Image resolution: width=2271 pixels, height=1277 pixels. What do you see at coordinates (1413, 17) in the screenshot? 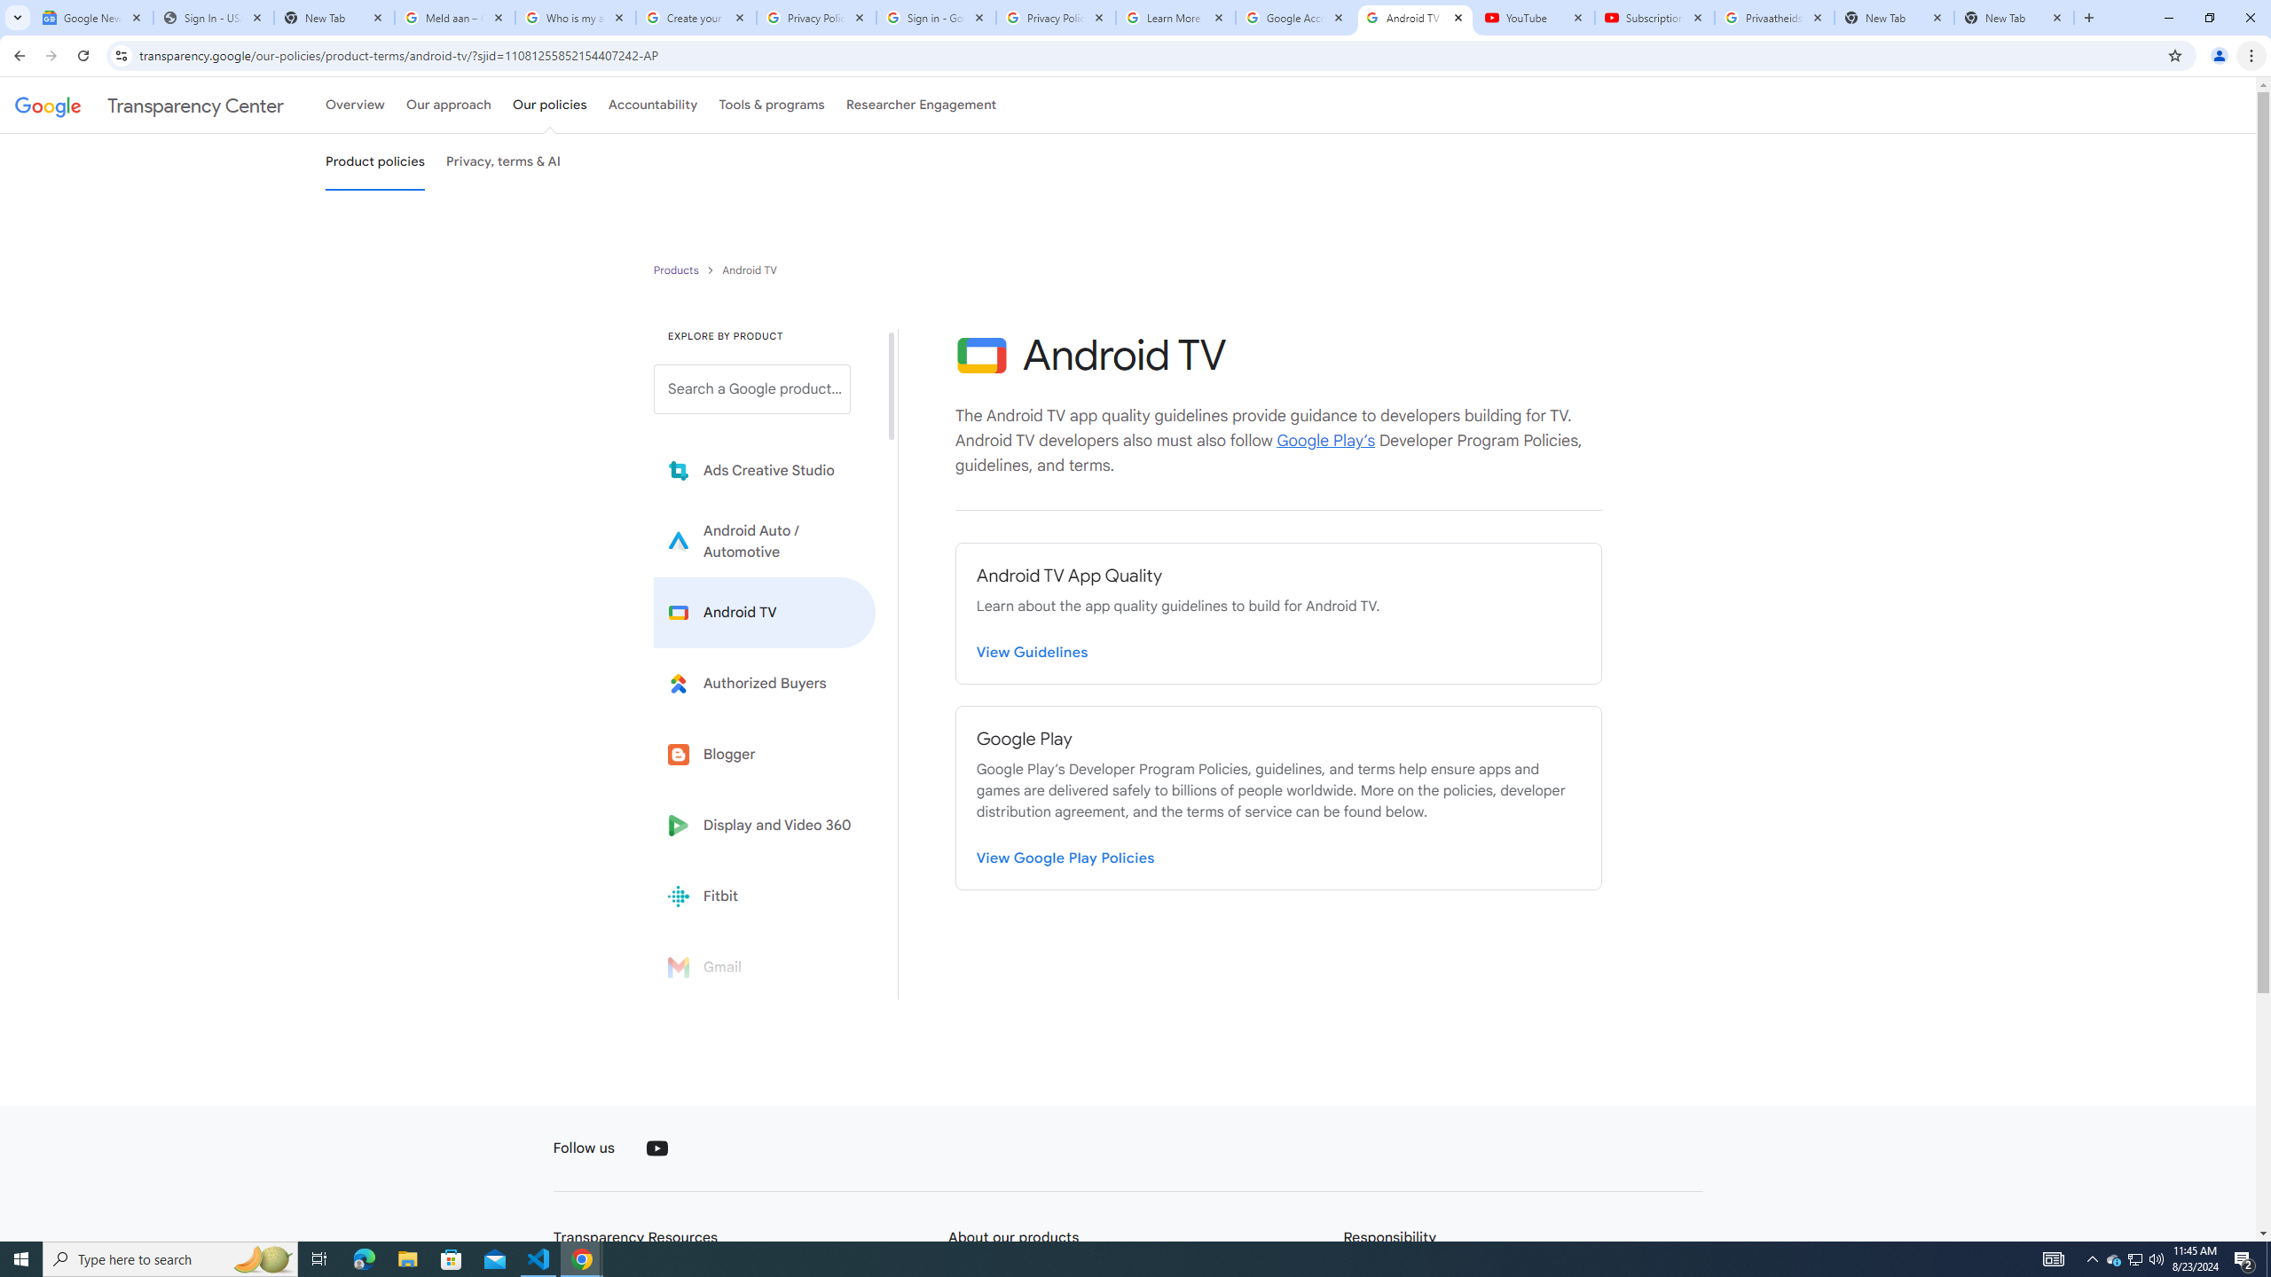
I see `'Android TV Policies and Guidelines - Transparency Center'` at bounding box center [1413, 17].